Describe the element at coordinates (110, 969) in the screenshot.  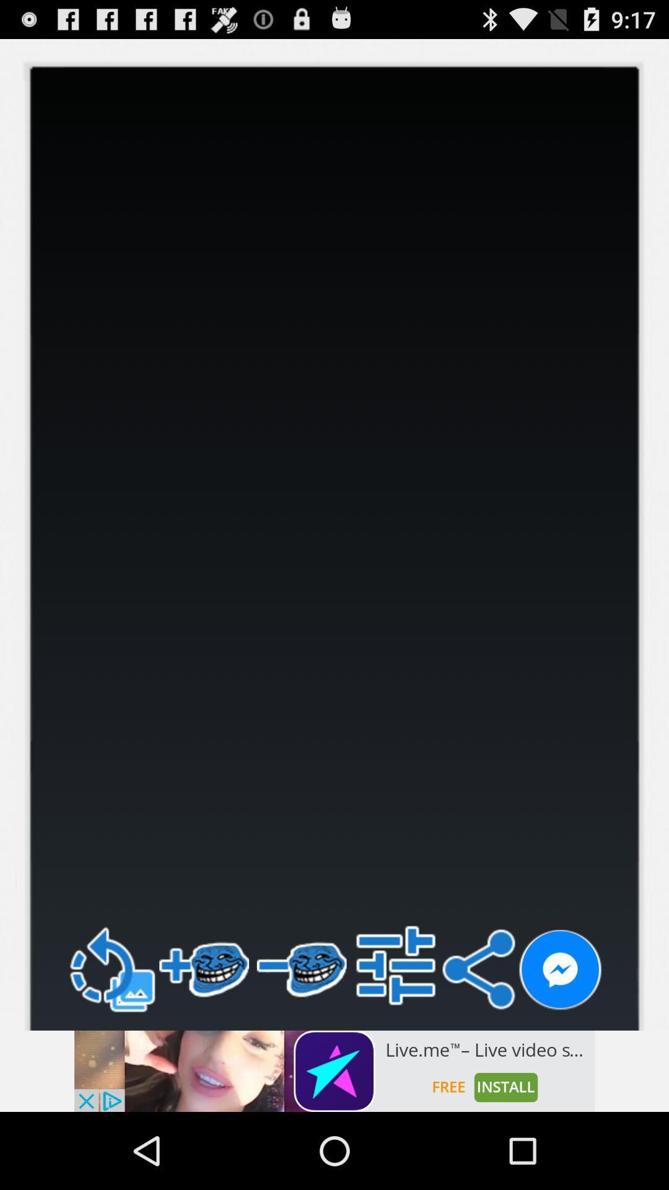
I see `go back` at that location.